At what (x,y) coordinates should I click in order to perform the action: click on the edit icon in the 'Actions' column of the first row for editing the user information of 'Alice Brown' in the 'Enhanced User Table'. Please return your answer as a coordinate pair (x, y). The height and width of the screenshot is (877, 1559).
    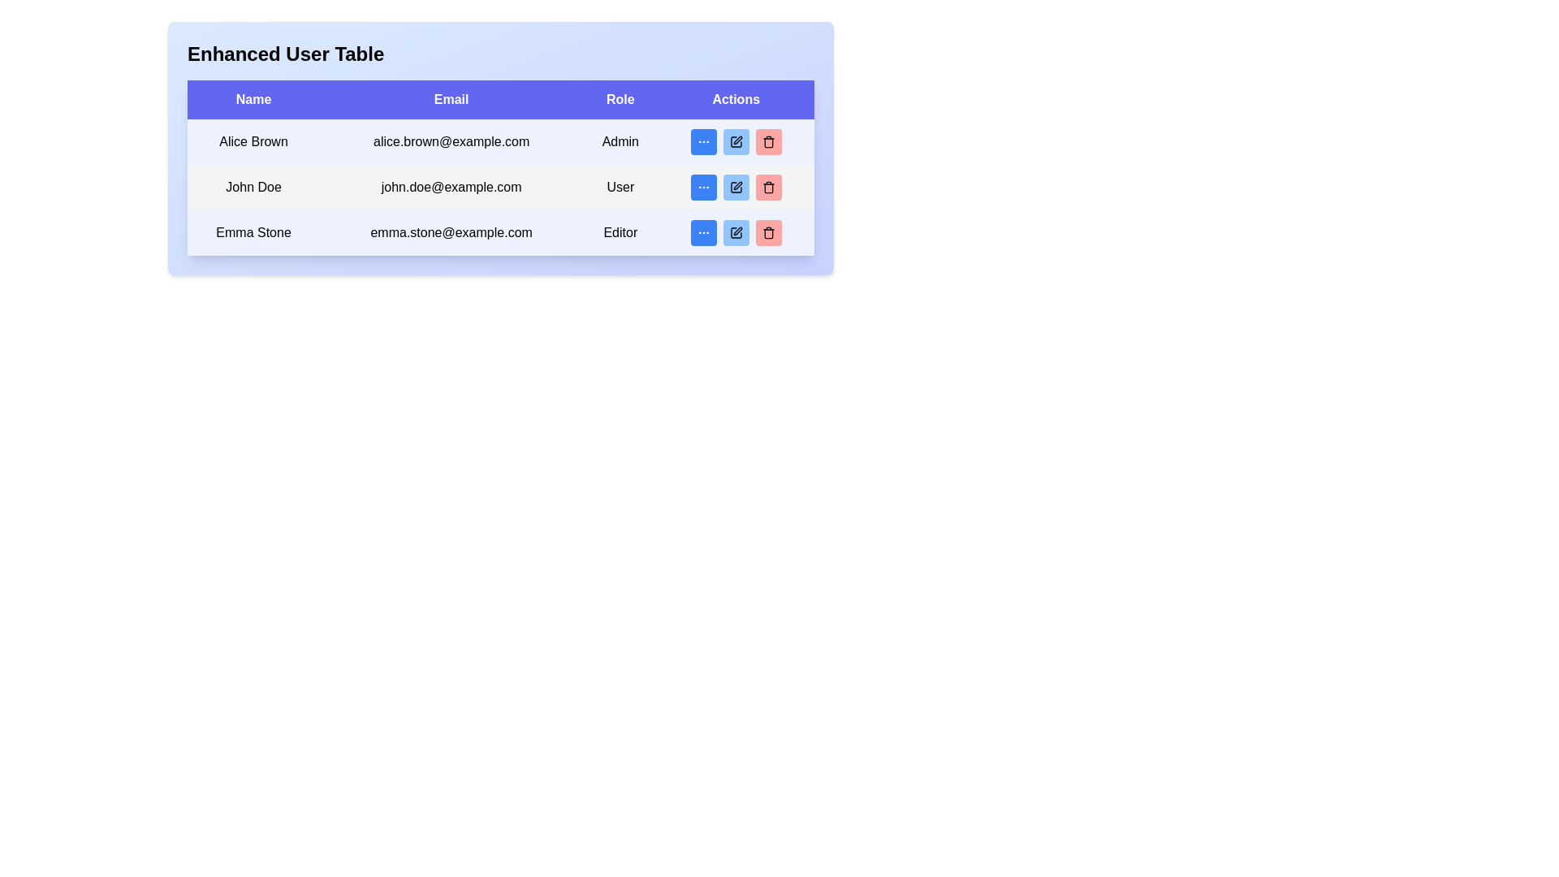
    Looking at the image, I should click on (736, 140).